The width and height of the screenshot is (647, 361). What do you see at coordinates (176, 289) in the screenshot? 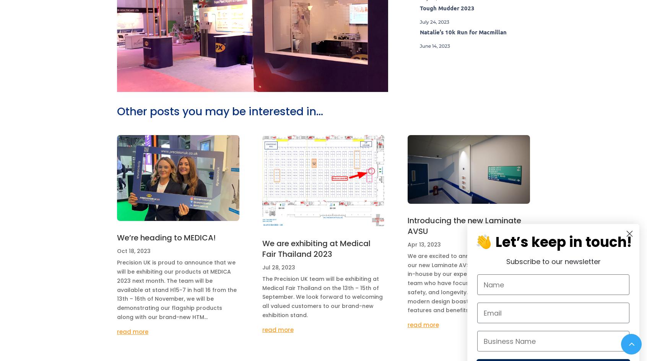
I see `'Precision UK is proud to announce that we will be exhibiting our products at MEDICA 2023 next month. The team will be available at stand H15-7 in hall 16 from the 13th – 16th of November, we will be demonstrating our flagship products along with our brand-new HTM...'` at bounding box center [176, 289].